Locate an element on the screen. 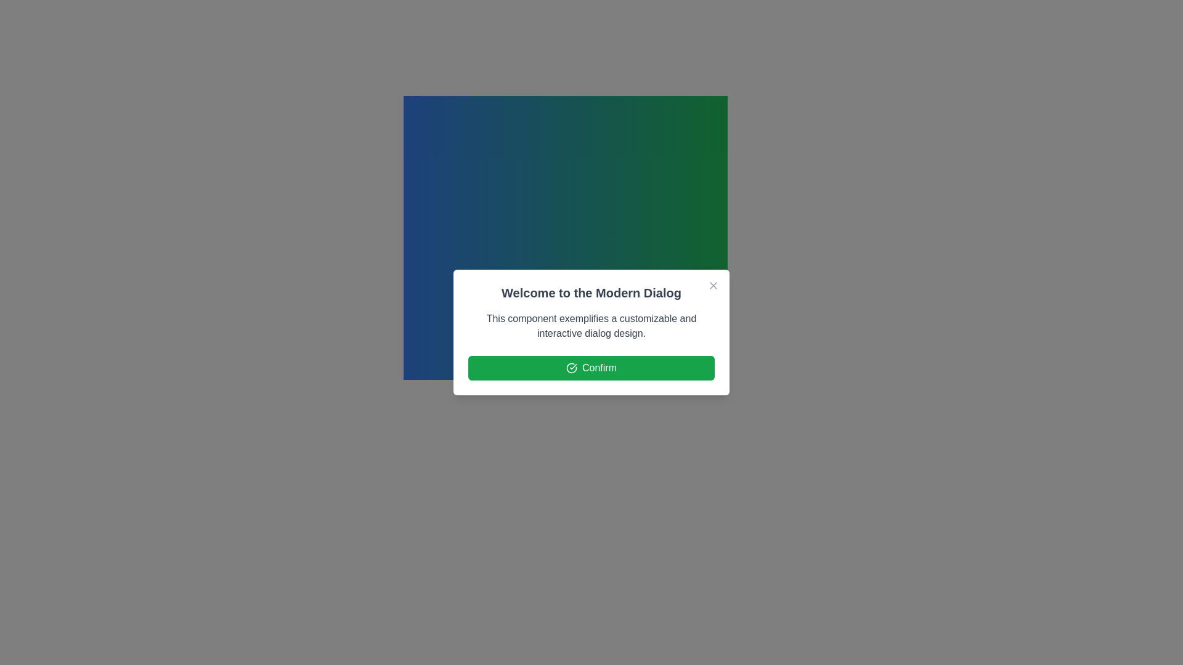 This screenshot has width=1183, height=665. the confirmation icon located within the green 'Confirm' button, positioned to the left of the label text is located at coordinates (571, 367).